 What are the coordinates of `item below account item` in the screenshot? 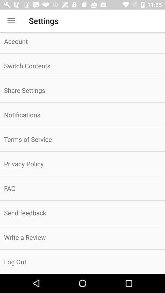 It's located at (82, 66).